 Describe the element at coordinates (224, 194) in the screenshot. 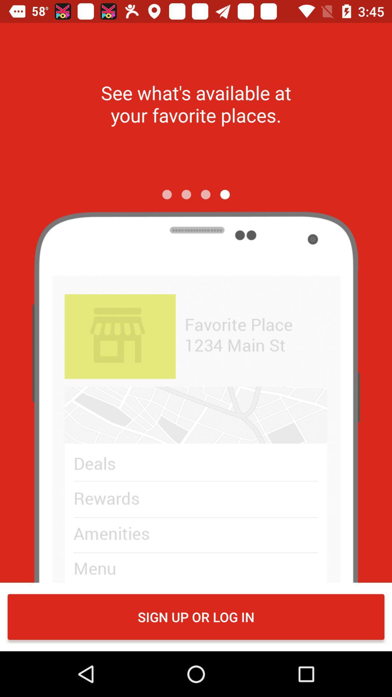

I see `icon below see what s item` at that location.